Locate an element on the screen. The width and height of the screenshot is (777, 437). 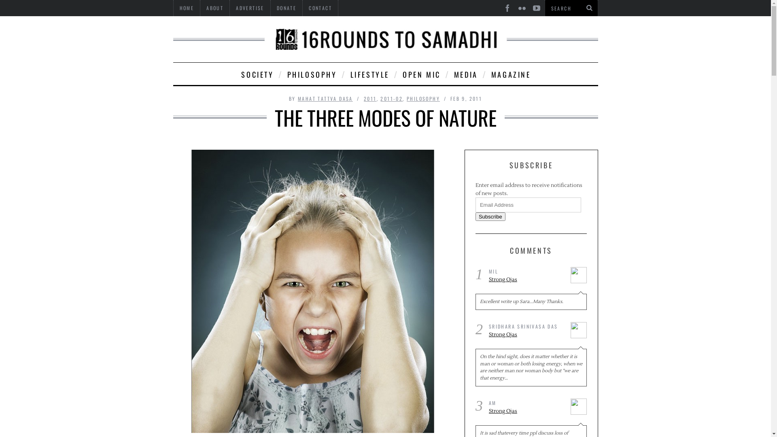
'16 ROUNDS to Samadhi magazine - ' is located at coordinates (385, 39).